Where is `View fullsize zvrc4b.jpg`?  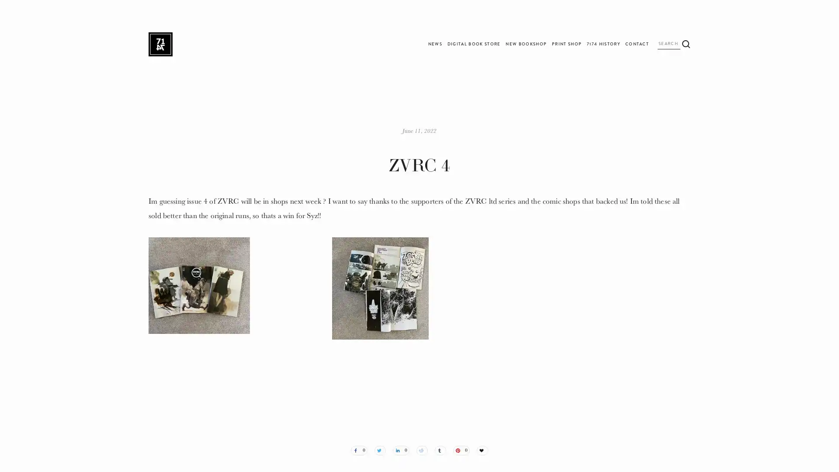 View fullsize zvrc4b.jpg is located at coordinates (419, 325).